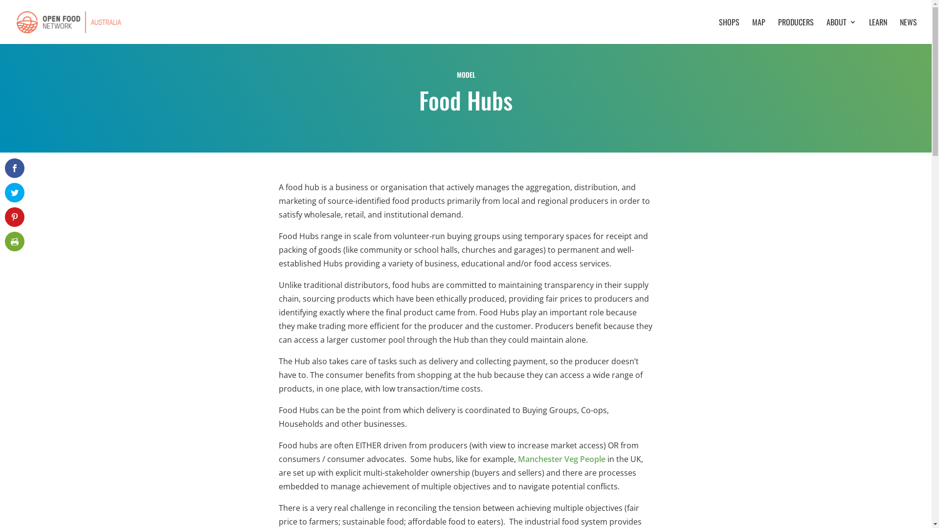 This screenshot has width=939, height=528. What do you see at coordinates (841, 31) in the screenshot?
I see `'ABOUT'` at bounding box center [841, 31].